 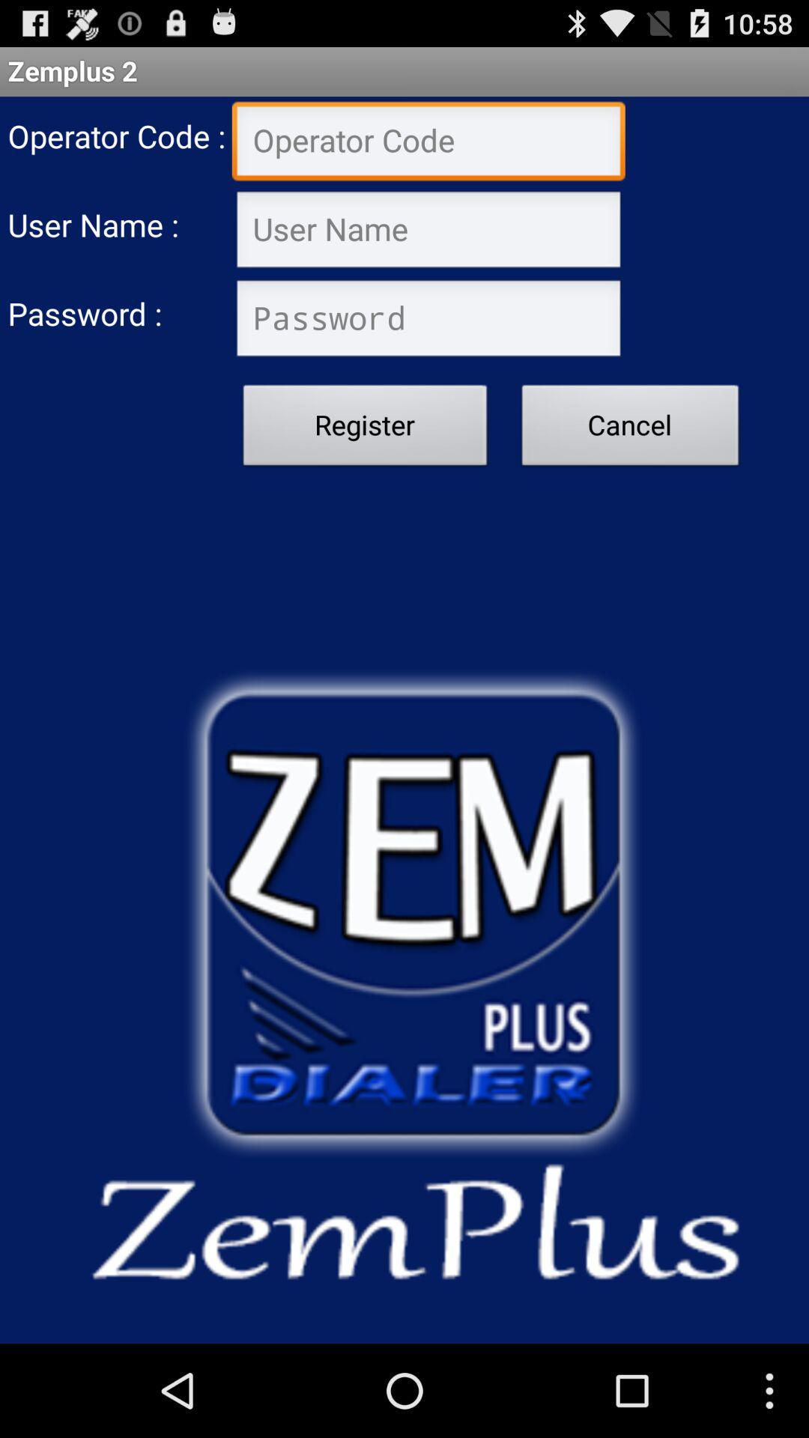 What do you see at coordinates (428, 231) in the screenshot?
I see `username button` at bounding box center [428, 231].